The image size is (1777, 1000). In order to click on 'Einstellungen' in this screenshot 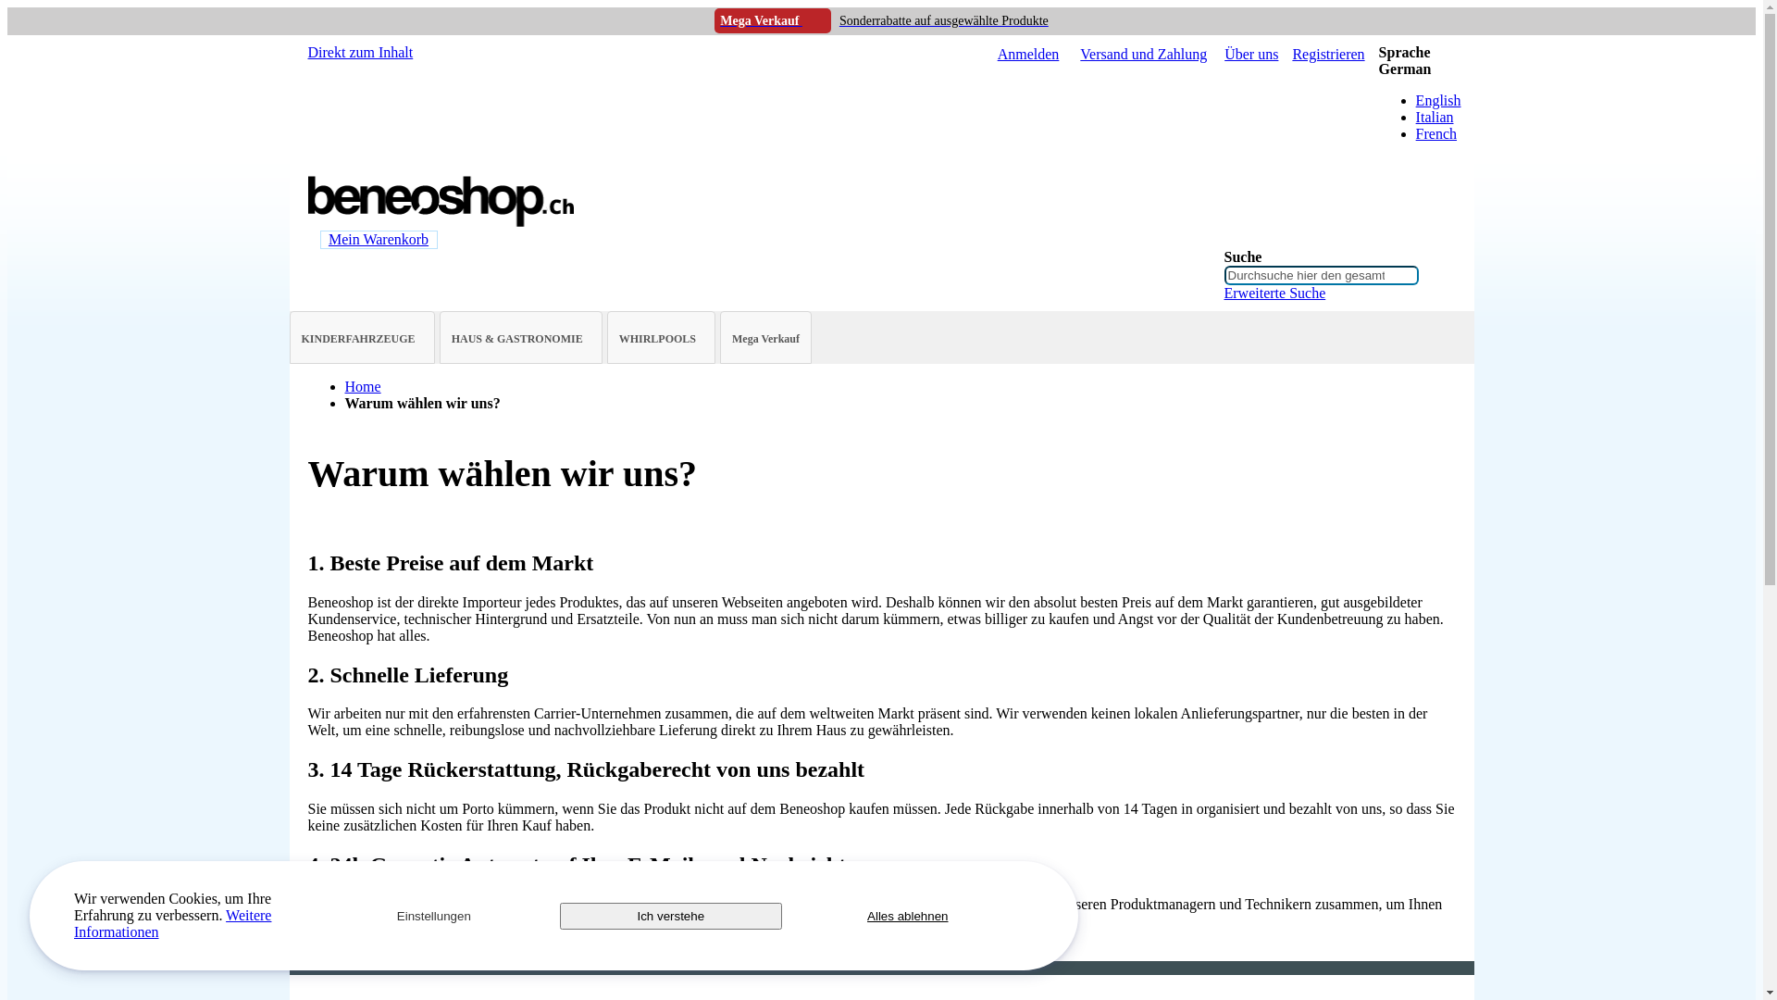, I will do `click(433, 914)`.